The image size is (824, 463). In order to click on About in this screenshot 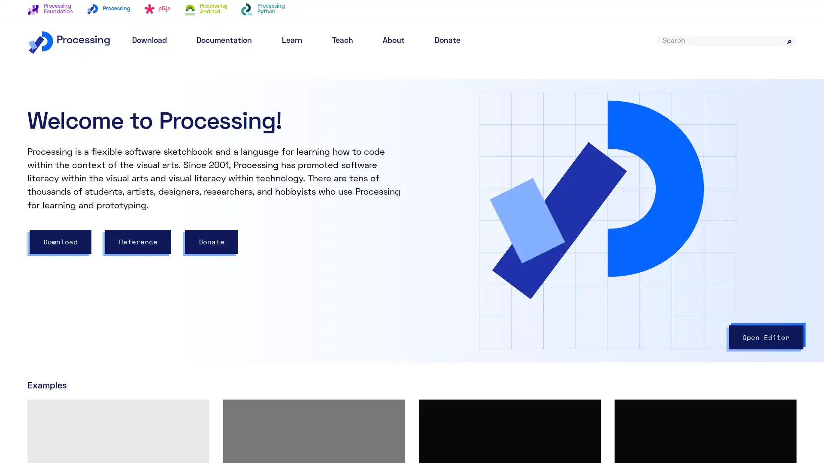, I will do `click(393, 40)`.